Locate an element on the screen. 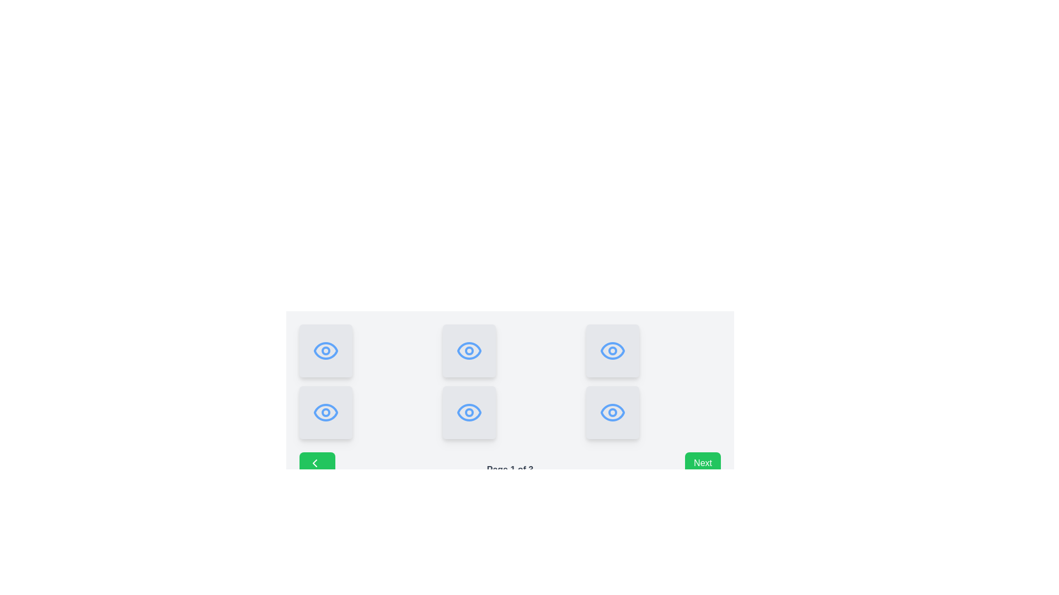 This screenshot has height=595, width=1059. the stylized eye icon with a blue stroke color located in the second row and second column of the grid is located at coordinates (469, 350).